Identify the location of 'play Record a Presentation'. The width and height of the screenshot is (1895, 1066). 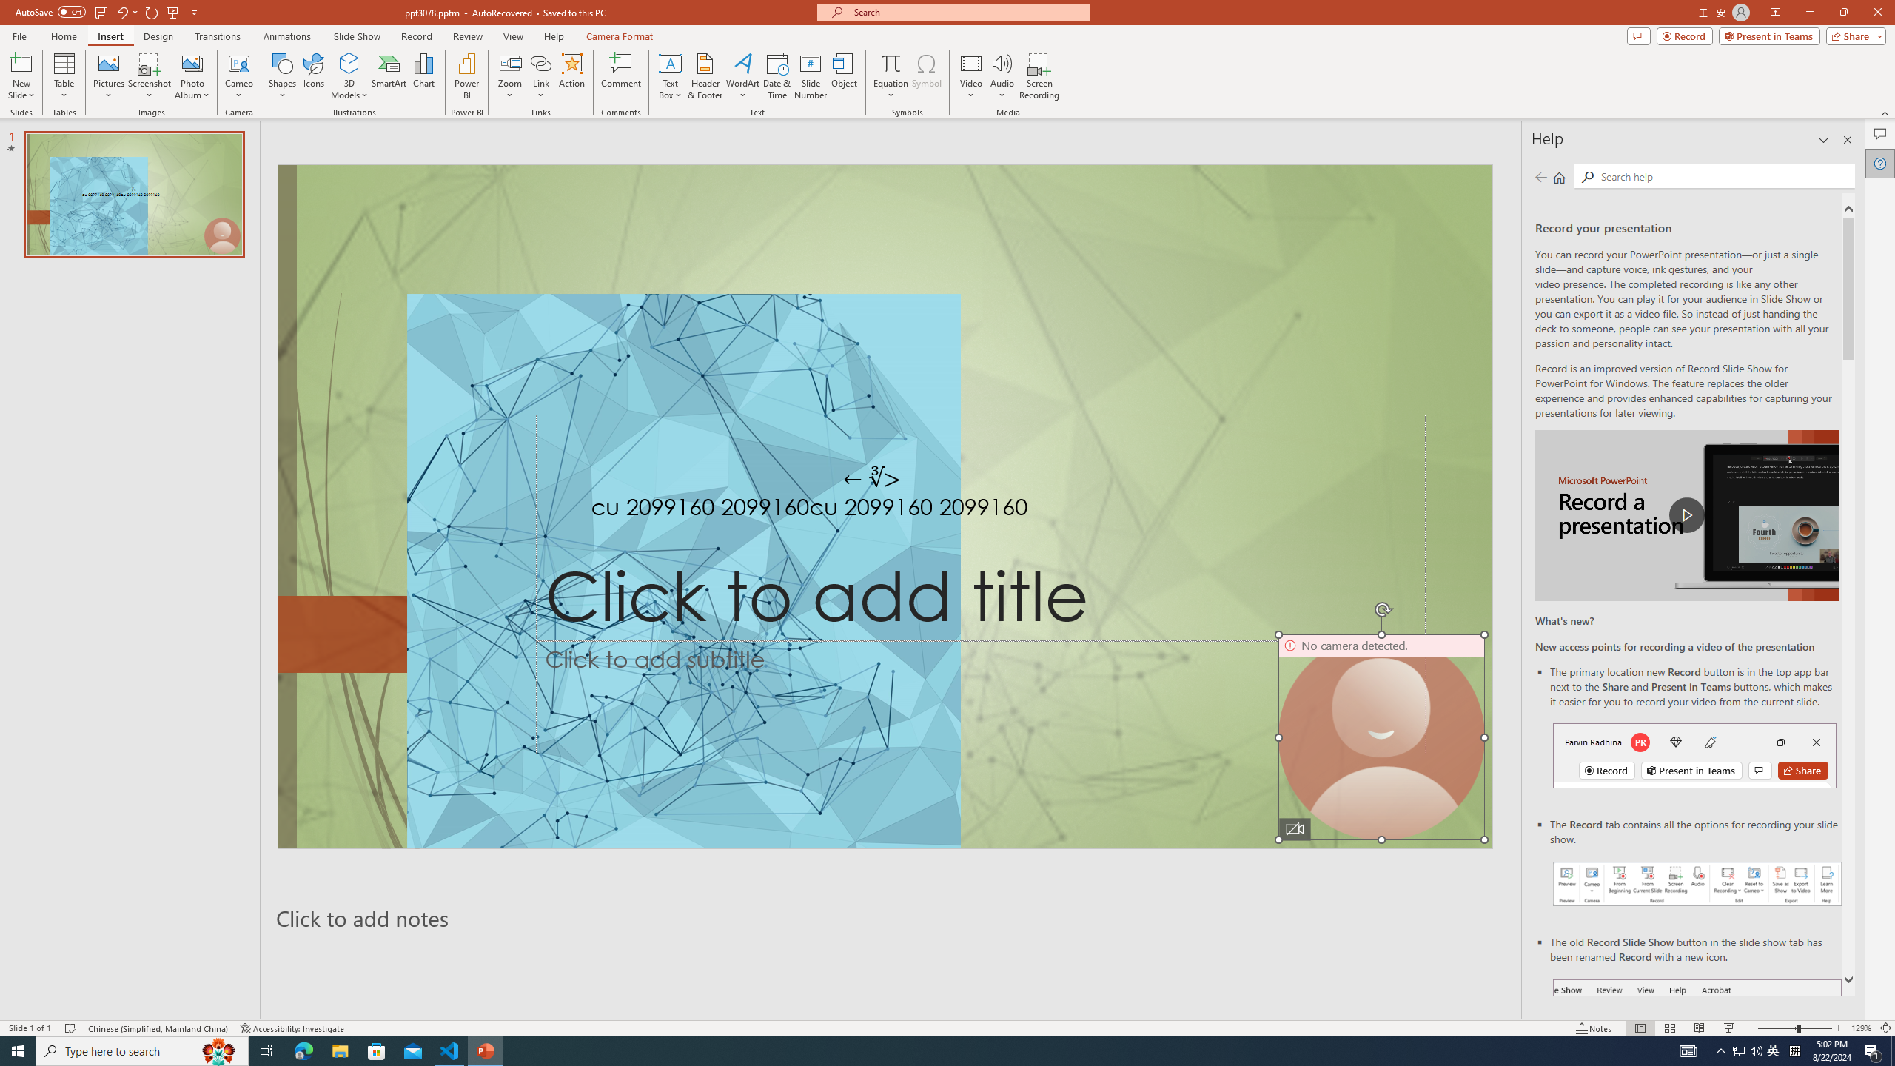
(1686, 515).